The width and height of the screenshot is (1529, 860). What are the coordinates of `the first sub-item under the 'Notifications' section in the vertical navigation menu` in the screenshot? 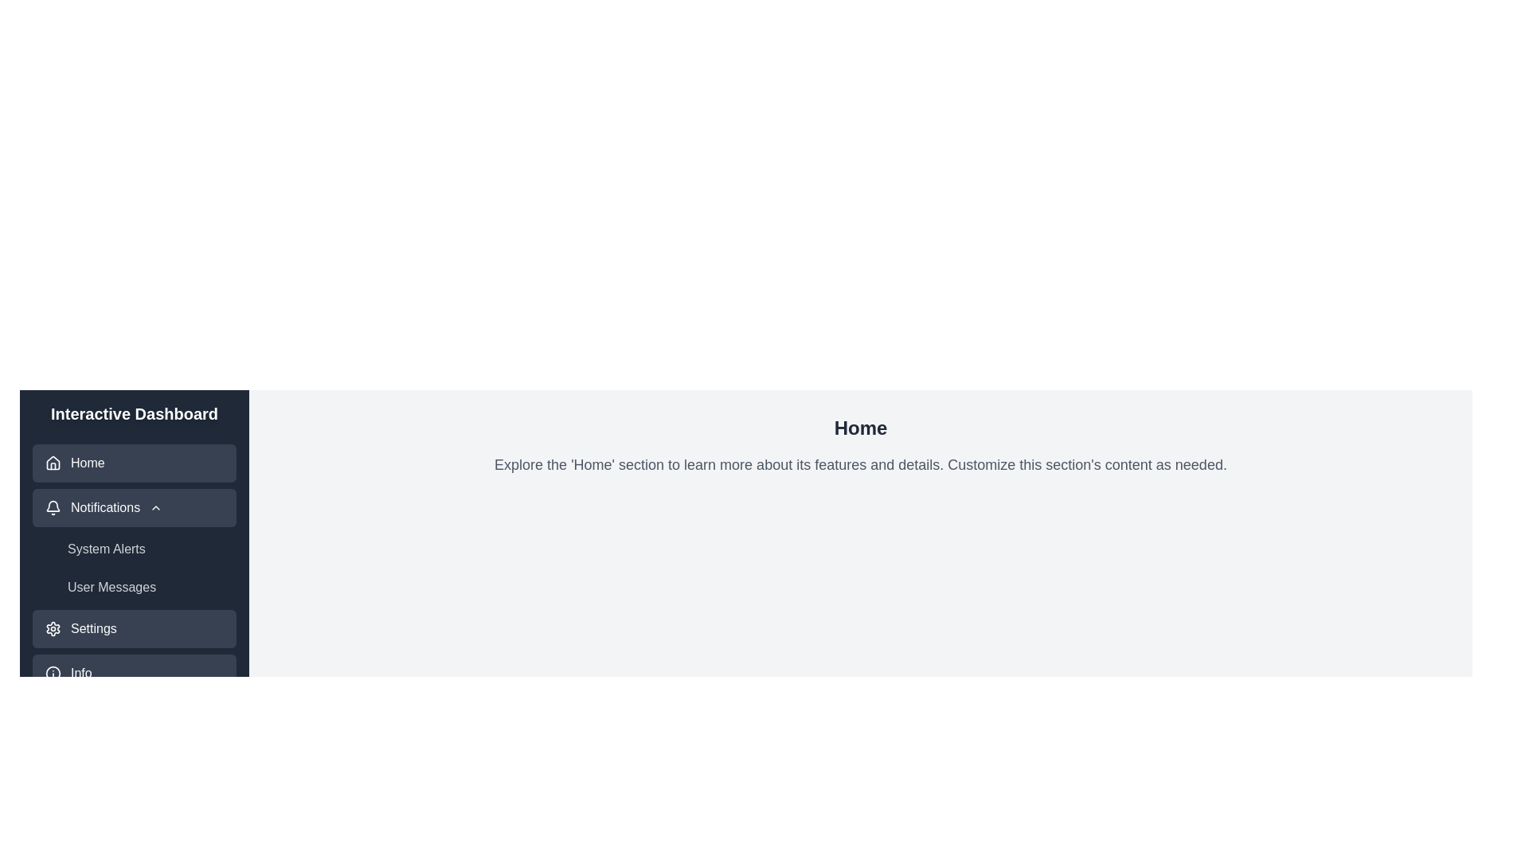 It's located at (134, 567).